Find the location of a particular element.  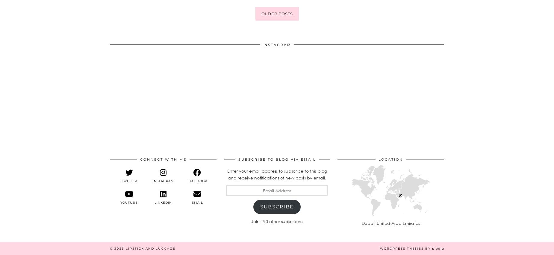

'Subscribe' is located at coordinates (277, 206).